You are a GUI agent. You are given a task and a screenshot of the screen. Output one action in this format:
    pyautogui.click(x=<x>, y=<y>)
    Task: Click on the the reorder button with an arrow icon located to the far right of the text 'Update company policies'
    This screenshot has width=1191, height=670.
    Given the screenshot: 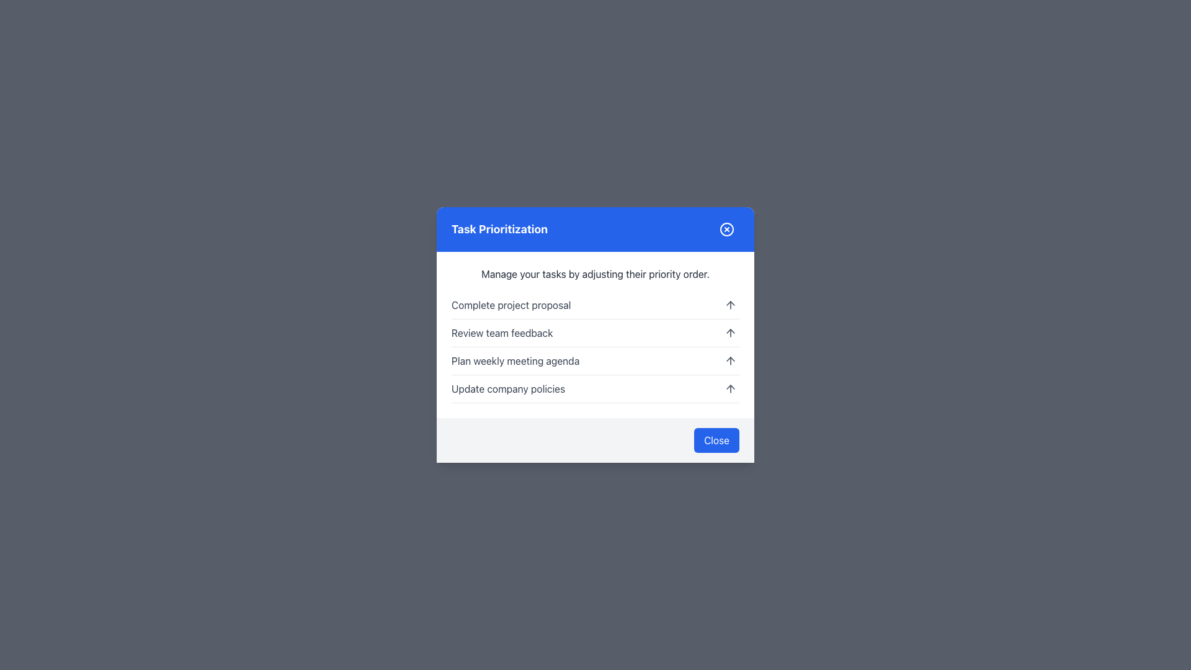 What is the action you would take?
    pyautogui.click(x=730, y=388)
    